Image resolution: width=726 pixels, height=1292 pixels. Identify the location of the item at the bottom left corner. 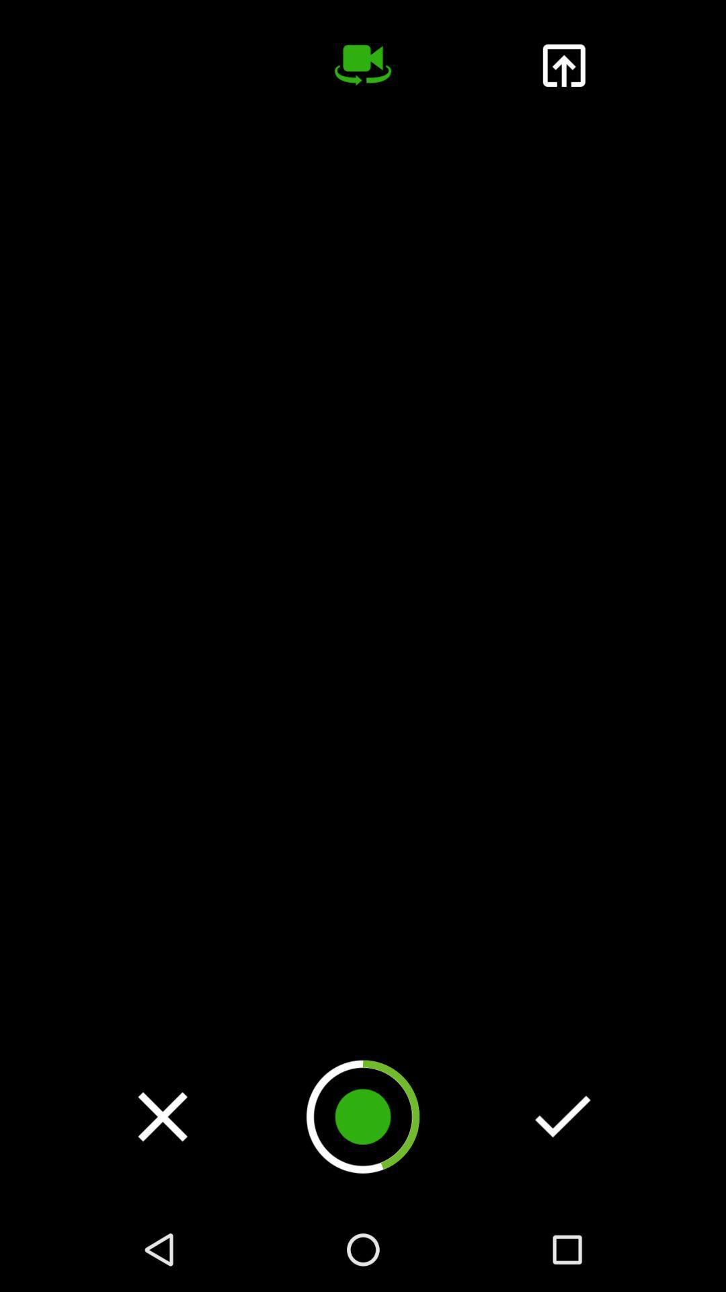
(162, 1116).